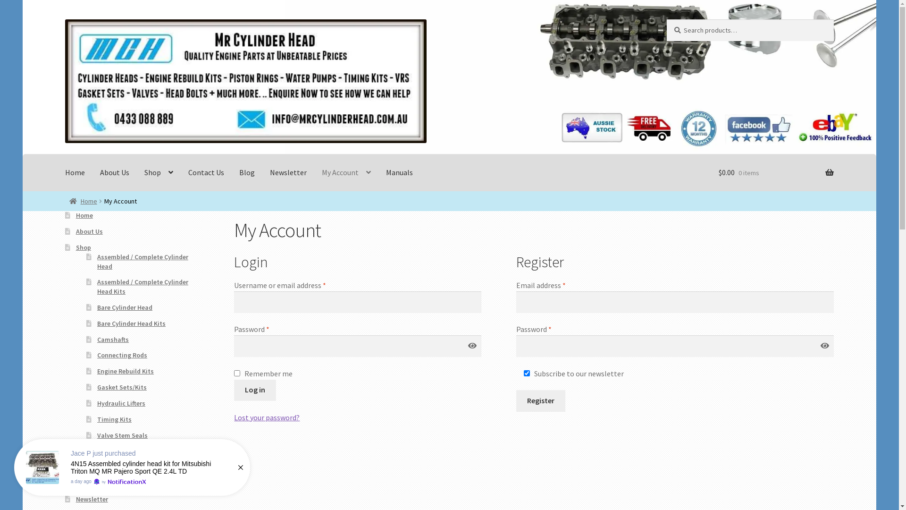 Image resolution: width=906 pixels, height=510 pixels. Describe the element at coordinates (142, 262) in the screenshot. I see `'Assembled / Complete Cylinder Head'` at that location.